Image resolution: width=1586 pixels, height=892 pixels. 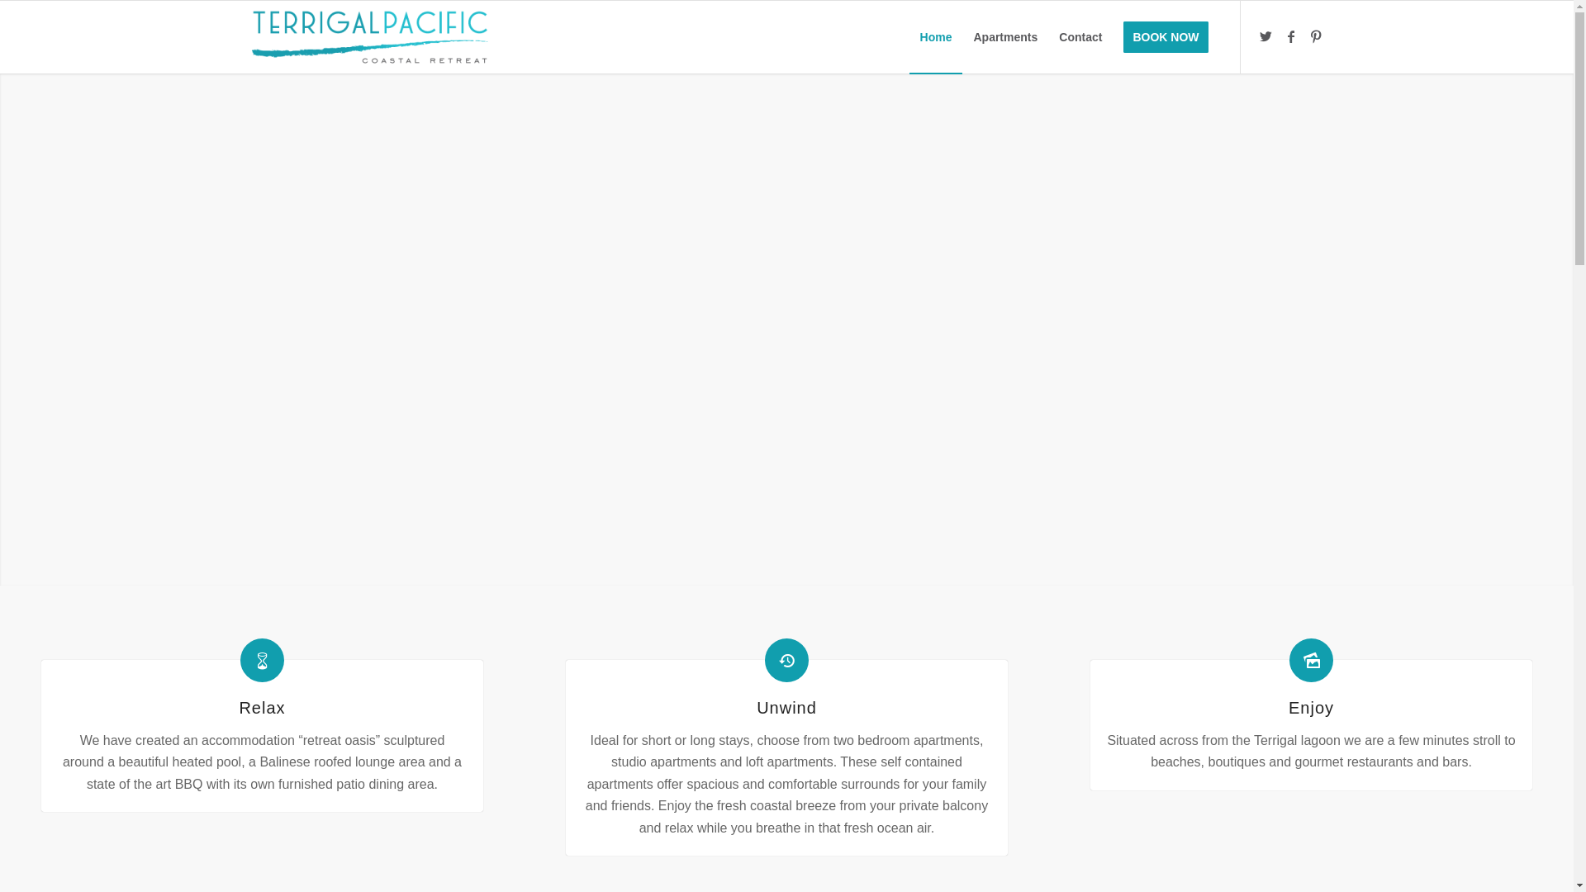 What do you see at coordinates (1315, 36) in the screenshot?
I see `'Pinterest'` at bounding box center [1315, 36].